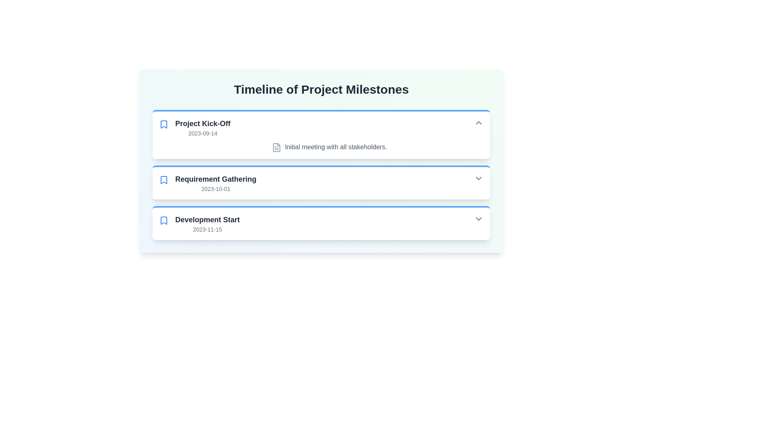  I want to click on the downward-pointing gray chevron icon located at the right side of the 'Development Start 2023-11-15' row, so click(479, 218).